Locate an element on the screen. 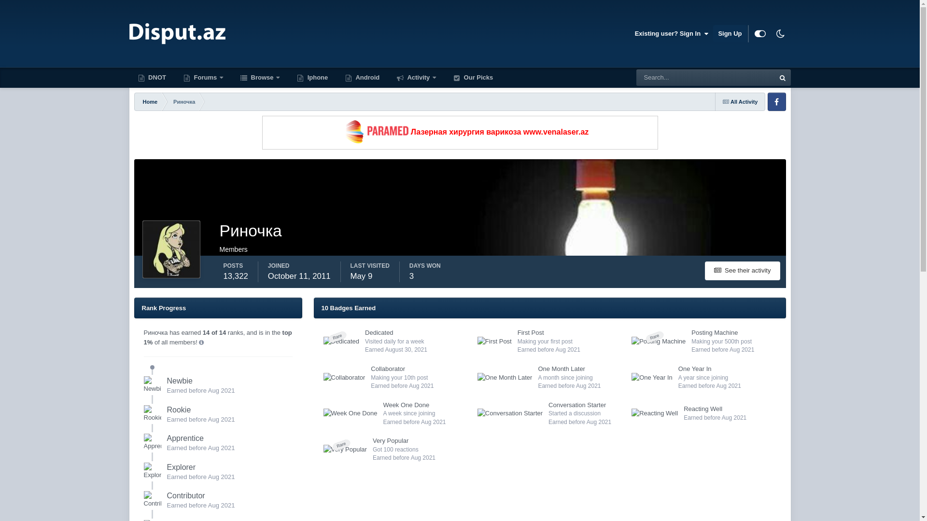  'Rank: Explorer (4/14)' is located at coordinates (152, 470).